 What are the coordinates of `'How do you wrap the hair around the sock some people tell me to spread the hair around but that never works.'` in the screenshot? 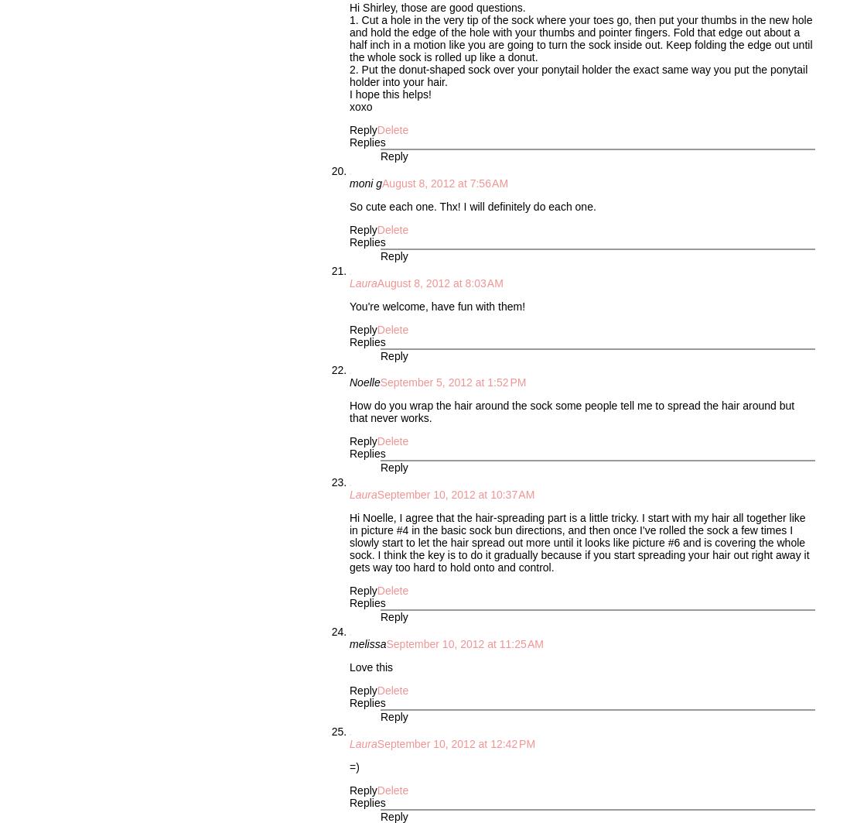 It's located at (348, 412).